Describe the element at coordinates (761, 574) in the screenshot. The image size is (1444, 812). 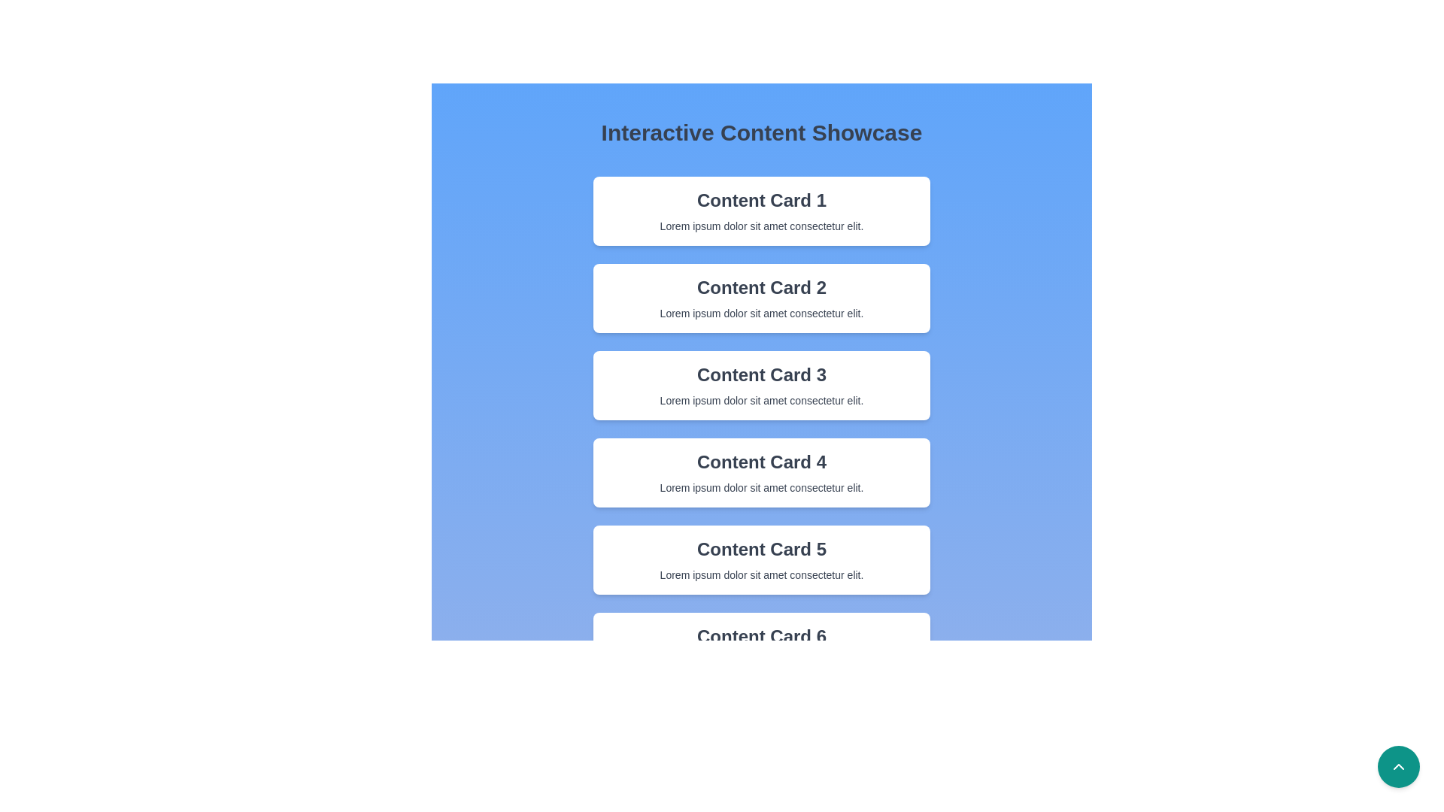
I see `the text label displaying 'Lorem ipsum dolor sit amet consectetur elit.' located at the bottom of 'Content Card 5'` at that location.